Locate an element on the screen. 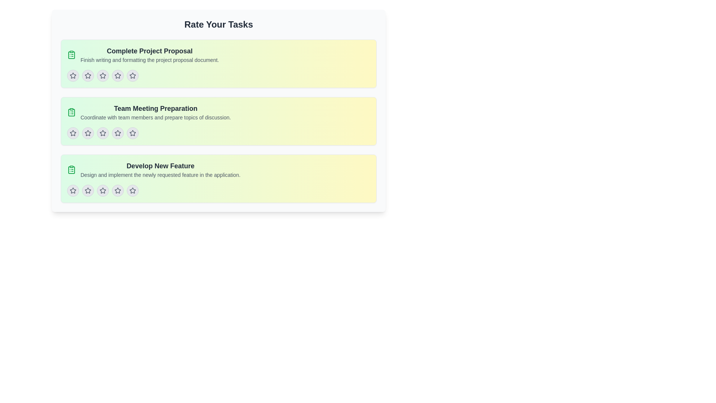  the descriptive section element that provides task information, positioned between the 'Complete Project Proposal' and 'Develop New Feature' tasks is located at coordinates (218, 112).